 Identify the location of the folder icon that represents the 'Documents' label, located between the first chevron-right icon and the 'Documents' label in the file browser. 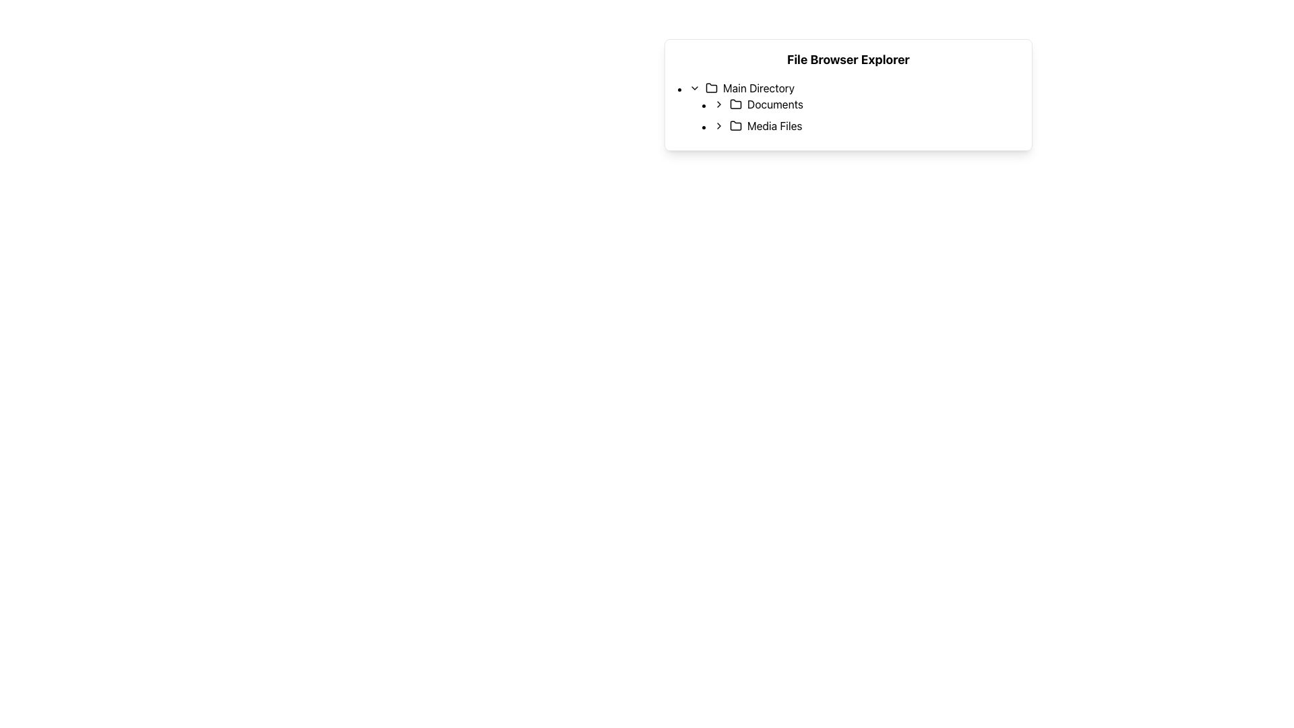
(735, 103).